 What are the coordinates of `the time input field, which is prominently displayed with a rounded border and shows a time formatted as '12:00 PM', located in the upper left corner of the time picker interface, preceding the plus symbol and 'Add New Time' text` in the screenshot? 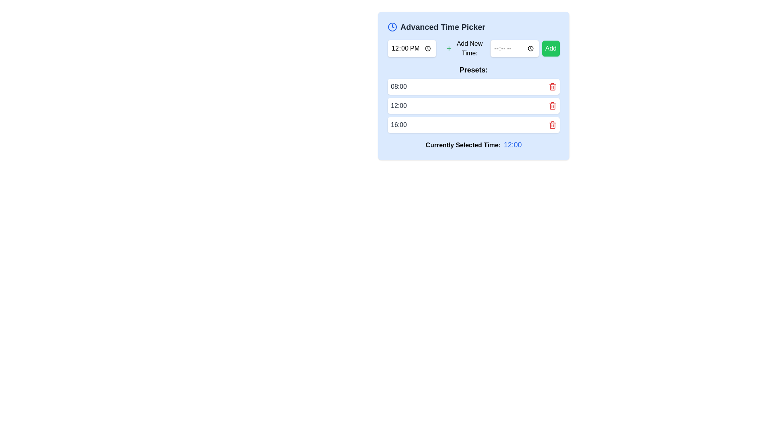 It's located at (412, 49).